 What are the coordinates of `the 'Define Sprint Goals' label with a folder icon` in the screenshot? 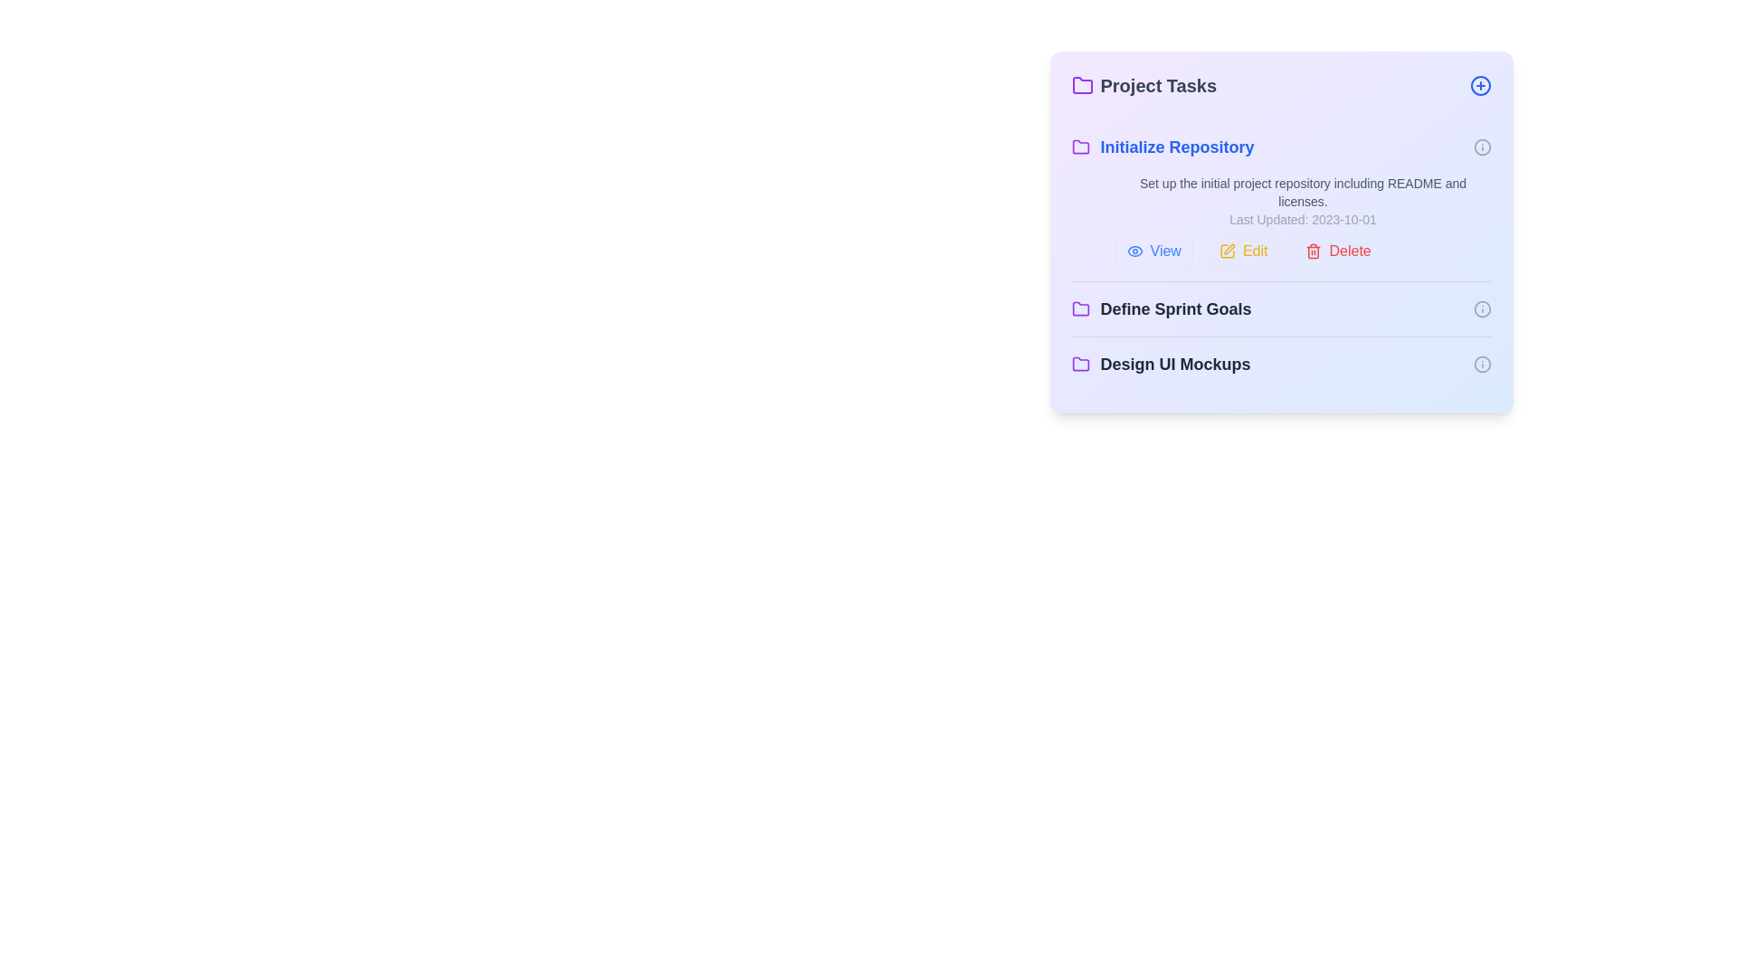 It's located at (1162, 308).